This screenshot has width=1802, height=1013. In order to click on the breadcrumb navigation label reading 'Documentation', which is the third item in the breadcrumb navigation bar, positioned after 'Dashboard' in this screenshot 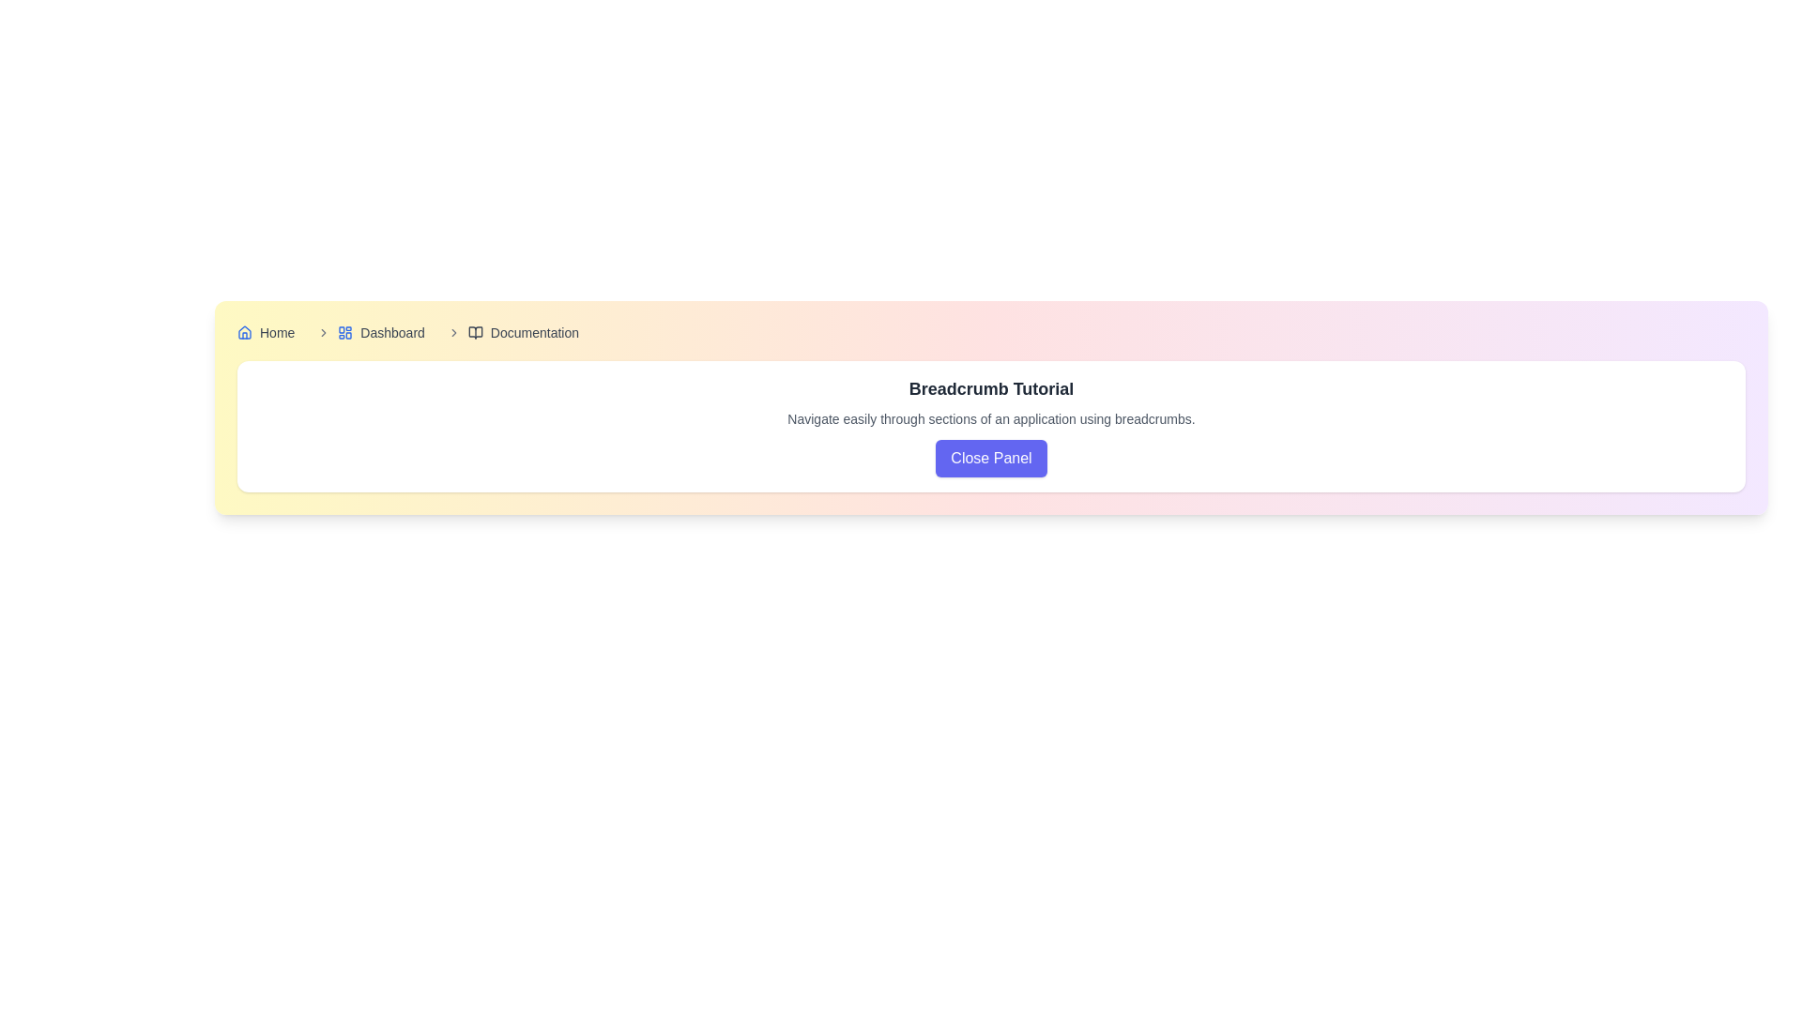, I will do `click(523, 331)`.